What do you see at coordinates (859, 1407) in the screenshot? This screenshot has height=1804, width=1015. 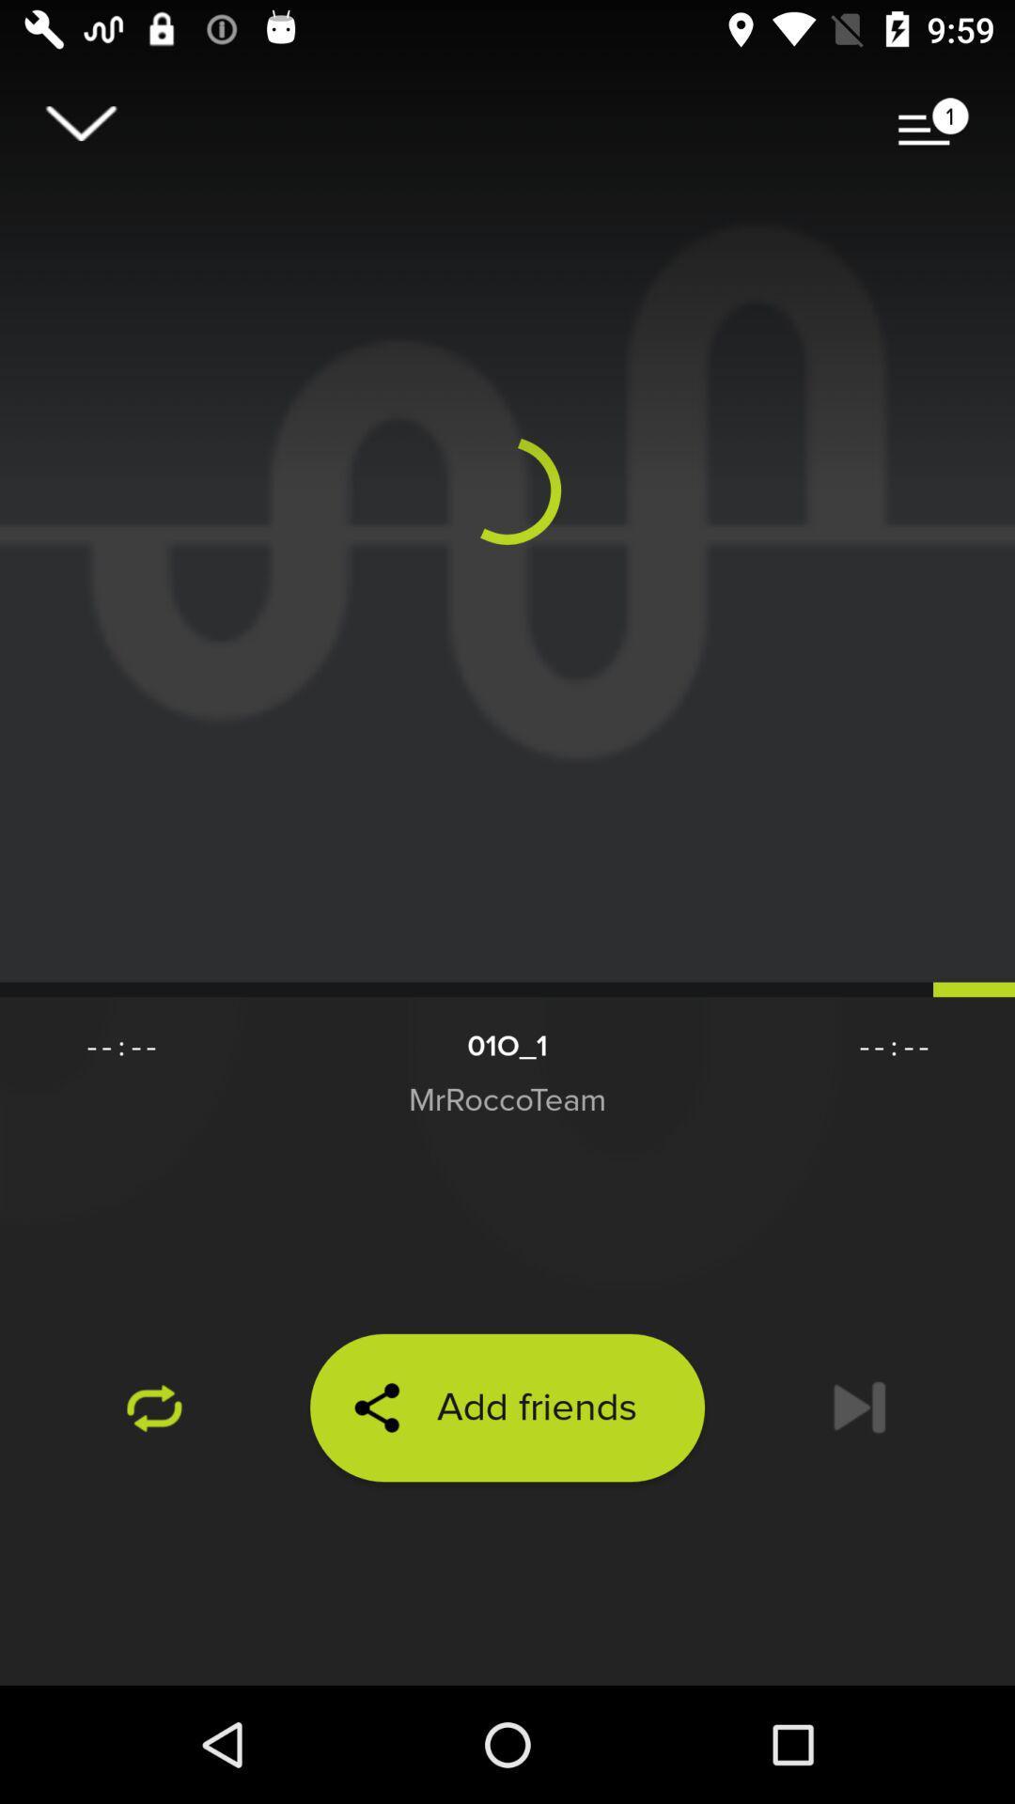 I see `the skip_next icon` at bounding box center [859, 1407].